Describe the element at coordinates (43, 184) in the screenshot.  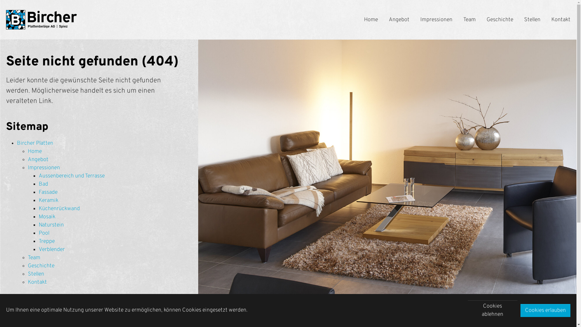
I see `'Bad'` at that location.